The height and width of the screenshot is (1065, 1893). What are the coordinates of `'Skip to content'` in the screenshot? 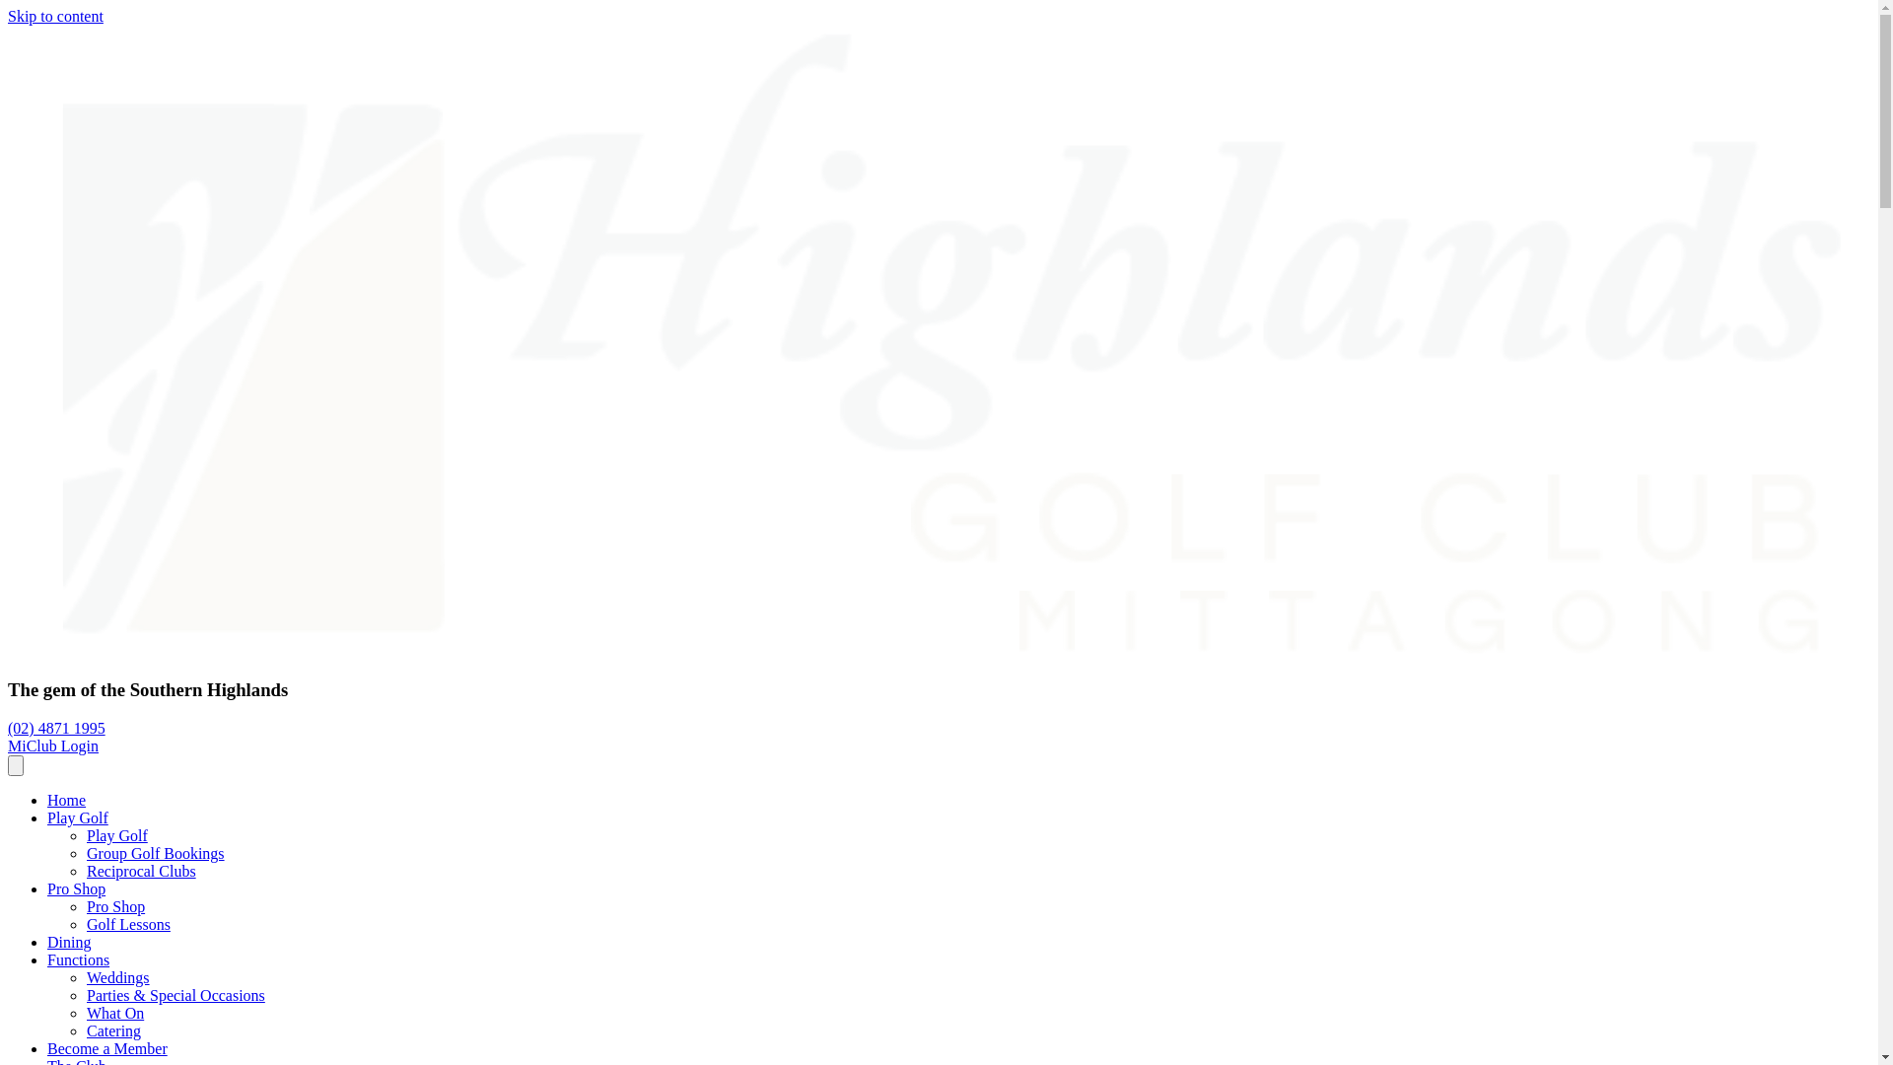 It's located at (55, 16).